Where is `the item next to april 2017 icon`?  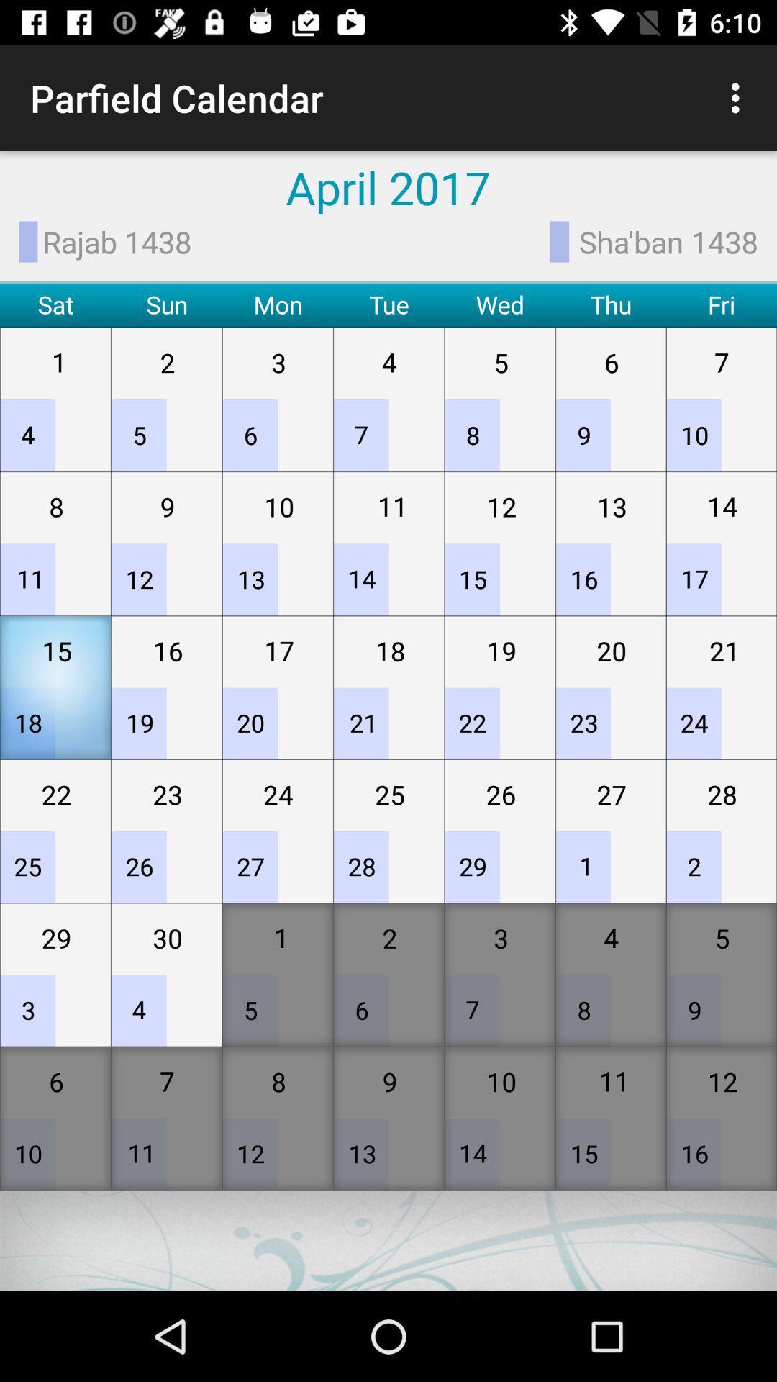
the item next to april 2017 icon is located at coordinates (739, 97).